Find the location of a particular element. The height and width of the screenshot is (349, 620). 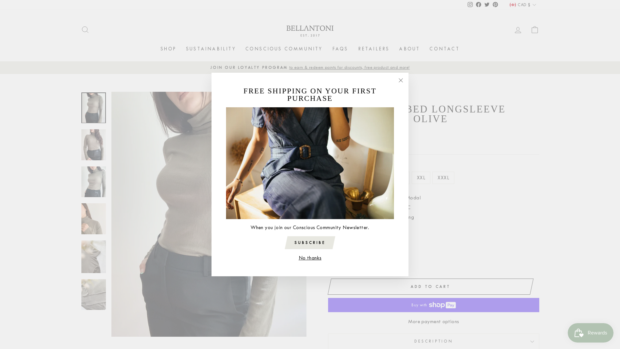

'CONTACT' is located at coordinates (444, 48).